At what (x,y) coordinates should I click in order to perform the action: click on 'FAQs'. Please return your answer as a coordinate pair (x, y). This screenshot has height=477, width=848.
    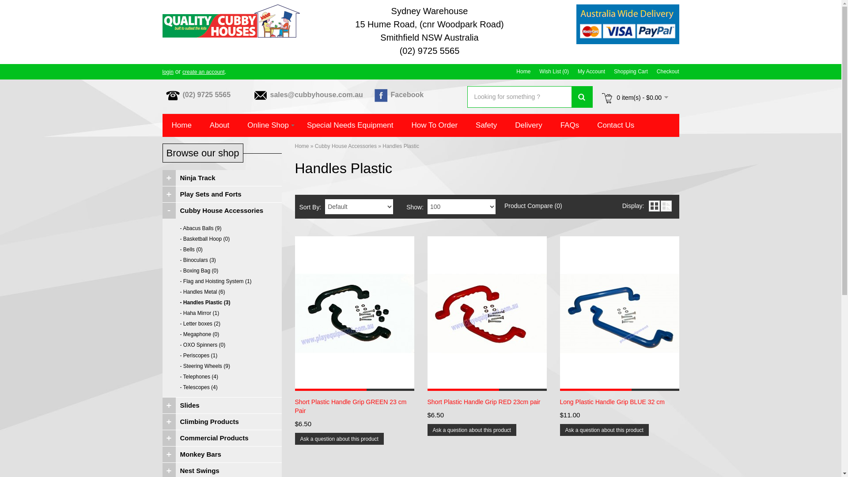
    Looking at the image, I should click on (570, 125).